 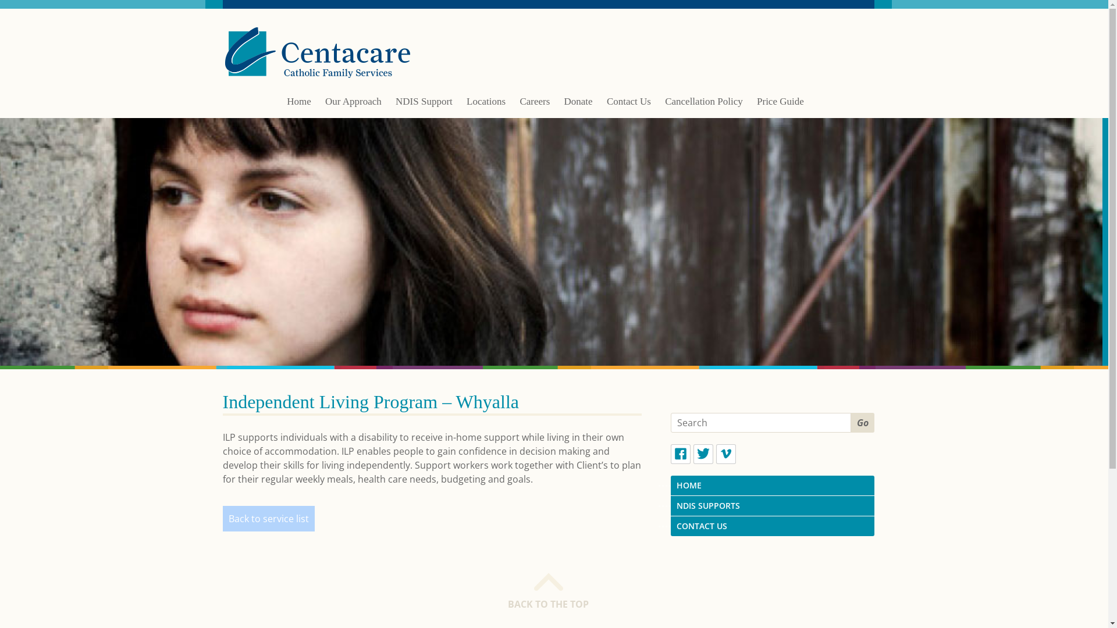 What do you see at coordinates (578, 107) in the screenshot?
I see `'Donate'` at bounding box center [578, 107].